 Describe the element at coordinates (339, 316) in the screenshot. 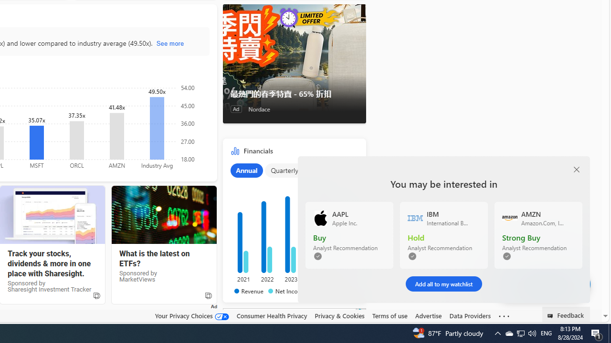

I see `'Privacy & Cookies'` at that location.